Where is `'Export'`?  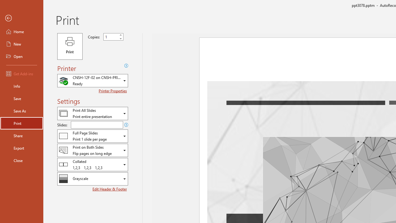 'Export' is located at coordinates (21, 148).